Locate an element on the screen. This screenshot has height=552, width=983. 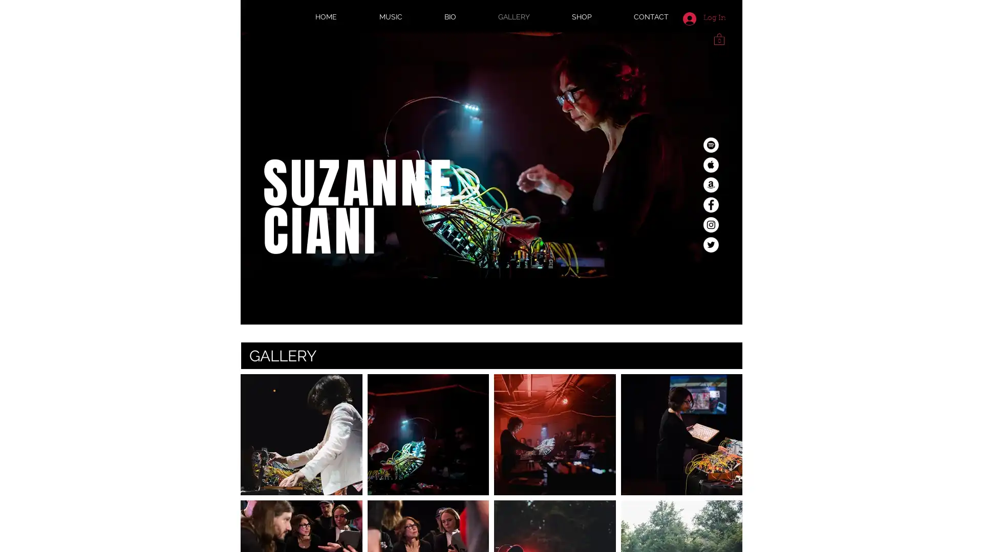
2016 RBMA Buchla Concert is located at coordinates (554, 434).